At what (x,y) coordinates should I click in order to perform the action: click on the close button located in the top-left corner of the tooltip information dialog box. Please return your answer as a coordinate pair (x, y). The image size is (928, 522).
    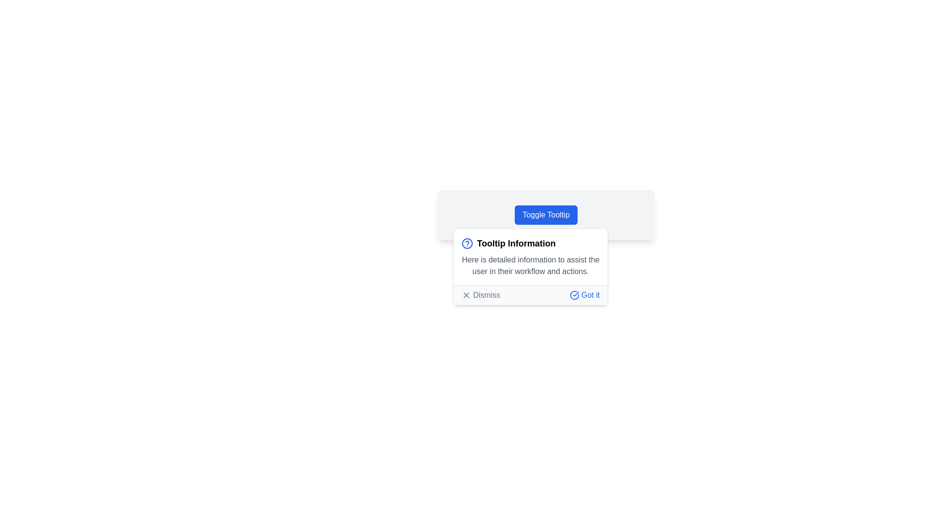
    Looking at the image, I should click on (466, 294).